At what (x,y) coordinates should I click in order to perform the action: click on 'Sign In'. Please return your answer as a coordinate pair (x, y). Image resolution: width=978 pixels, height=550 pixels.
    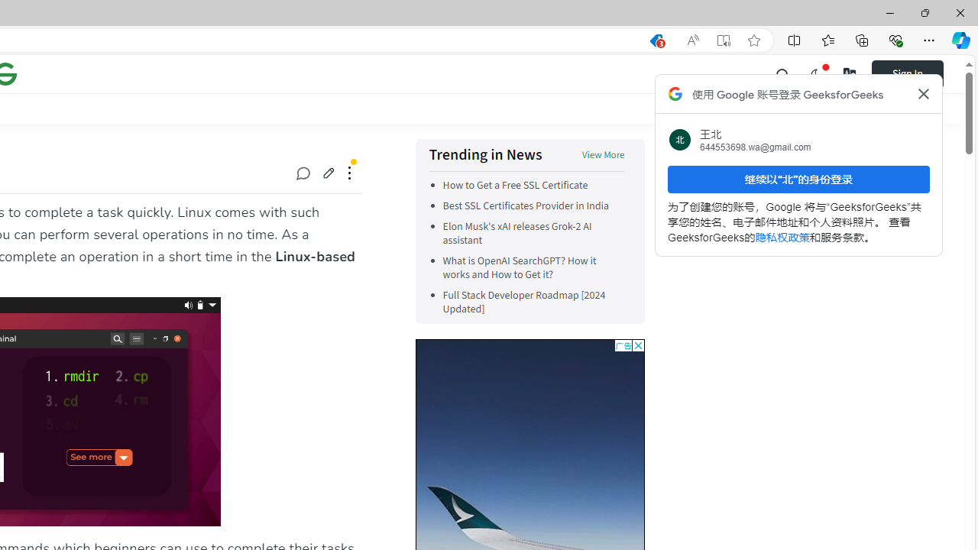
    Looking at the image, I should click on (907, 73).